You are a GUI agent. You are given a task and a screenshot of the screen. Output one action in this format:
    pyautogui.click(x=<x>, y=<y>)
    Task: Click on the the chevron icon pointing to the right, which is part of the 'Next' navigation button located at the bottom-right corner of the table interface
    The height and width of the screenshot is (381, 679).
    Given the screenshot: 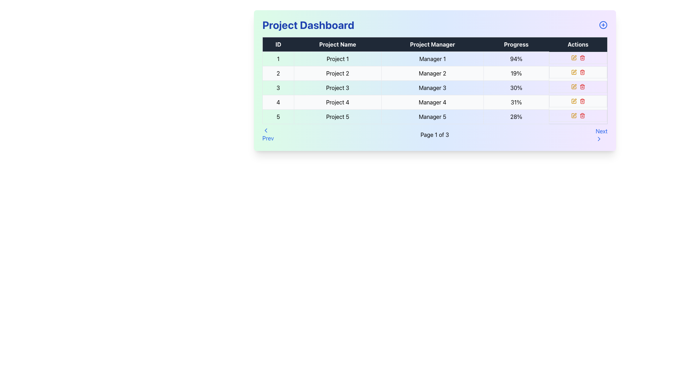 What is the action you would take?
    pyautogui.click(x=599, y=139)
    